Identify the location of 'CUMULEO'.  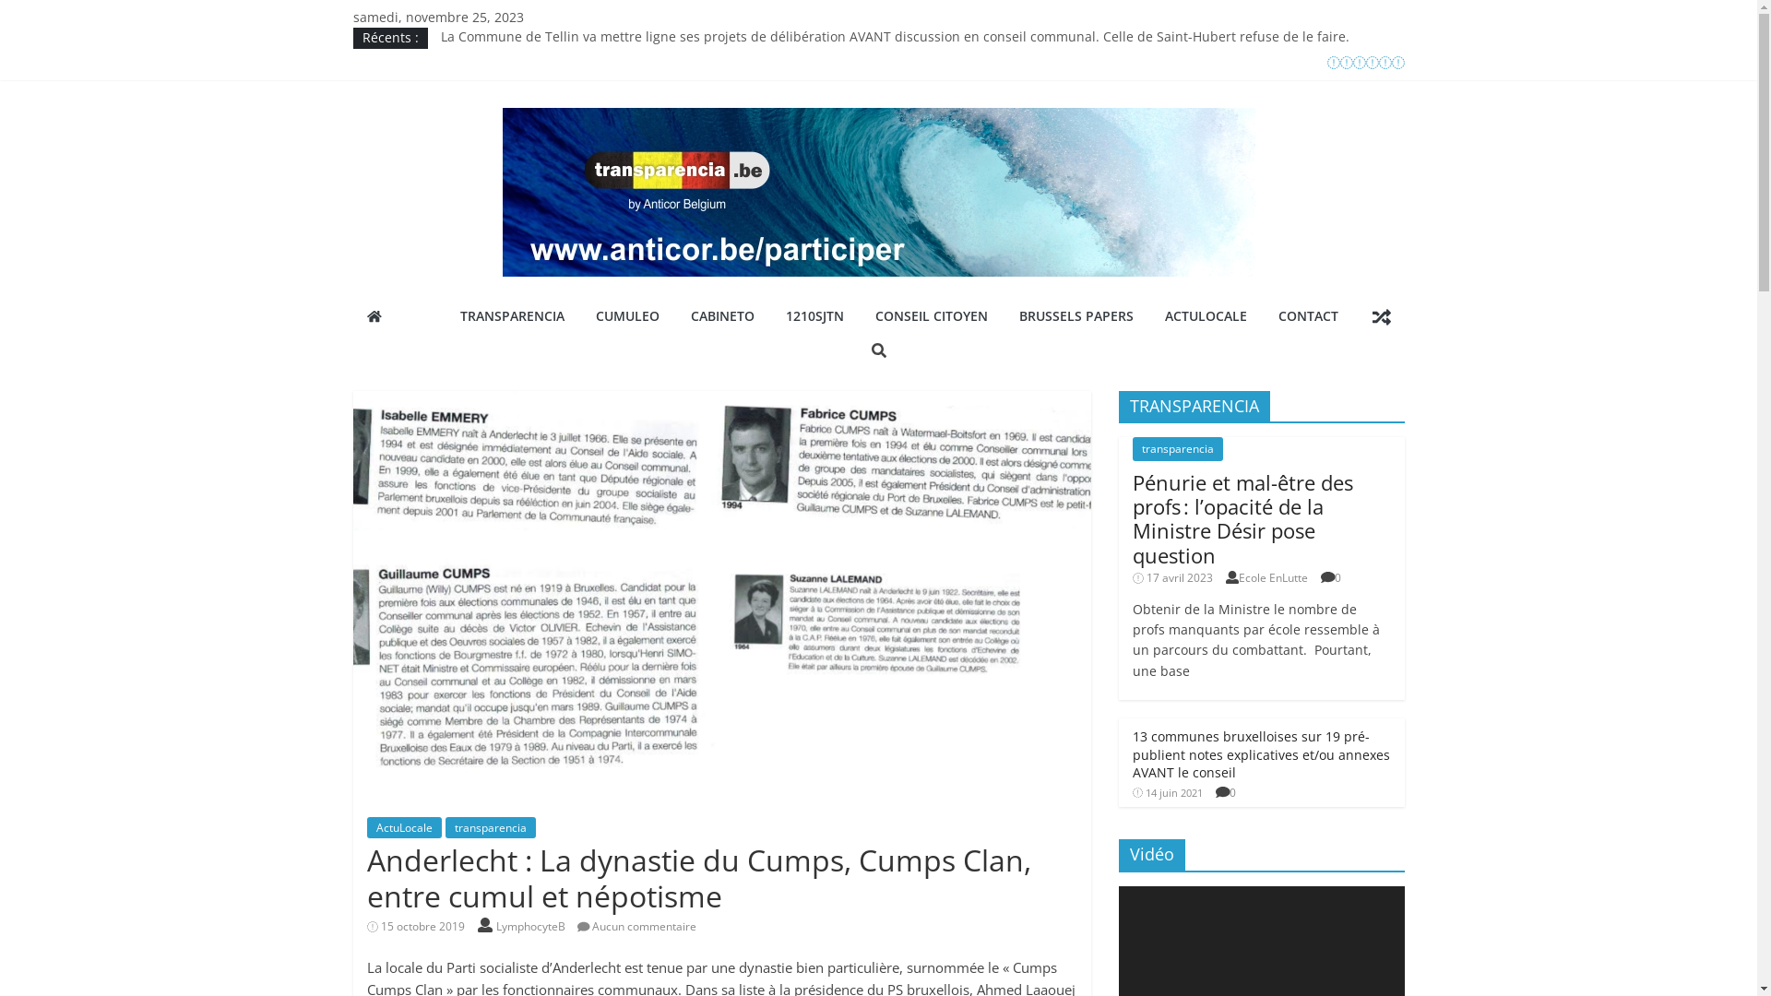
(627, 315).